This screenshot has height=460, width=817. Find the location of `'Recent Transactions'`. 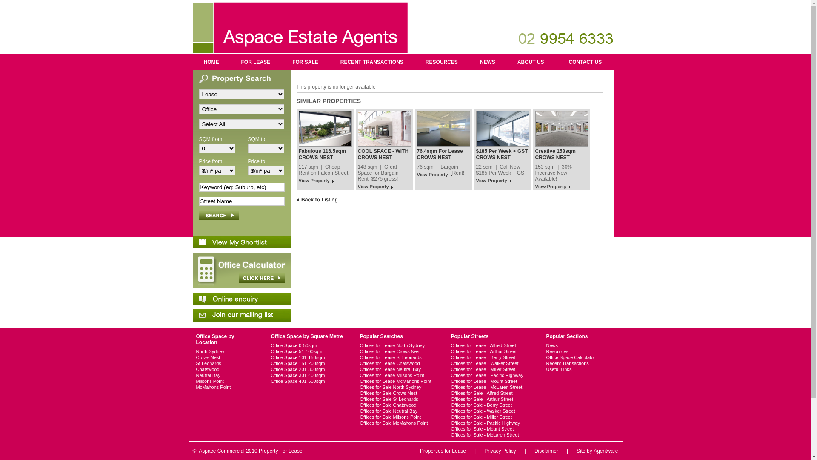

'Recent Transactions' is located at coordinates (572, 363).